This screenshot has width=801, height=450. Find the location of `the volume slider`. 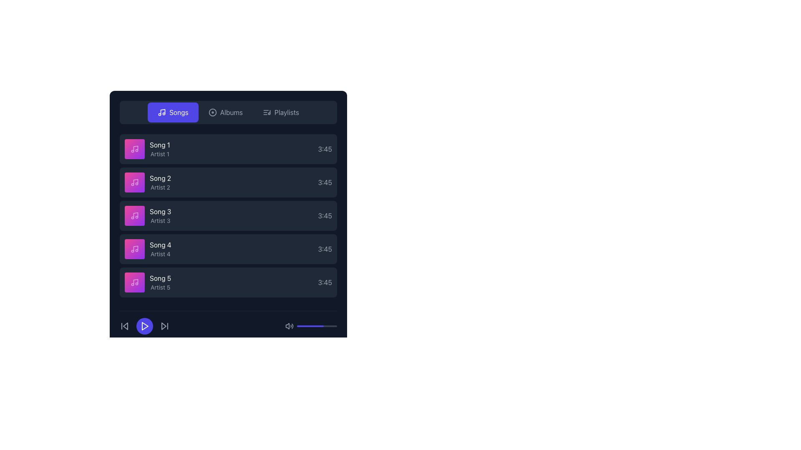

the volume slider is located at coordinates (298, 326).